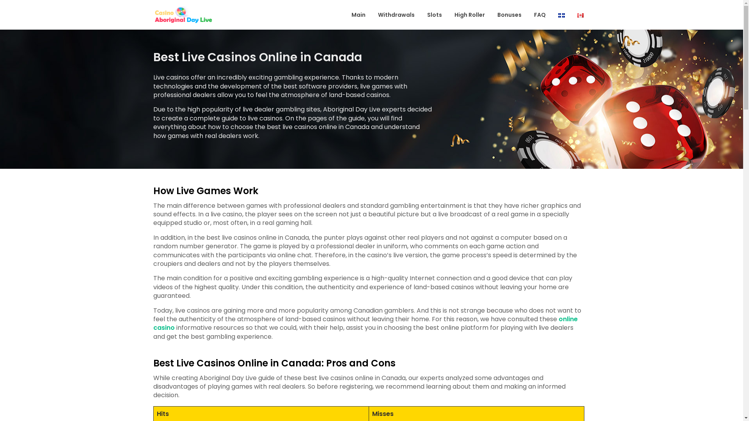 The height and width of the screenshot is (421, 749). Describe the element at coordinates (240, 22) in the screenshot. I see `'Casino Aboriginal Day Live'` at that location.